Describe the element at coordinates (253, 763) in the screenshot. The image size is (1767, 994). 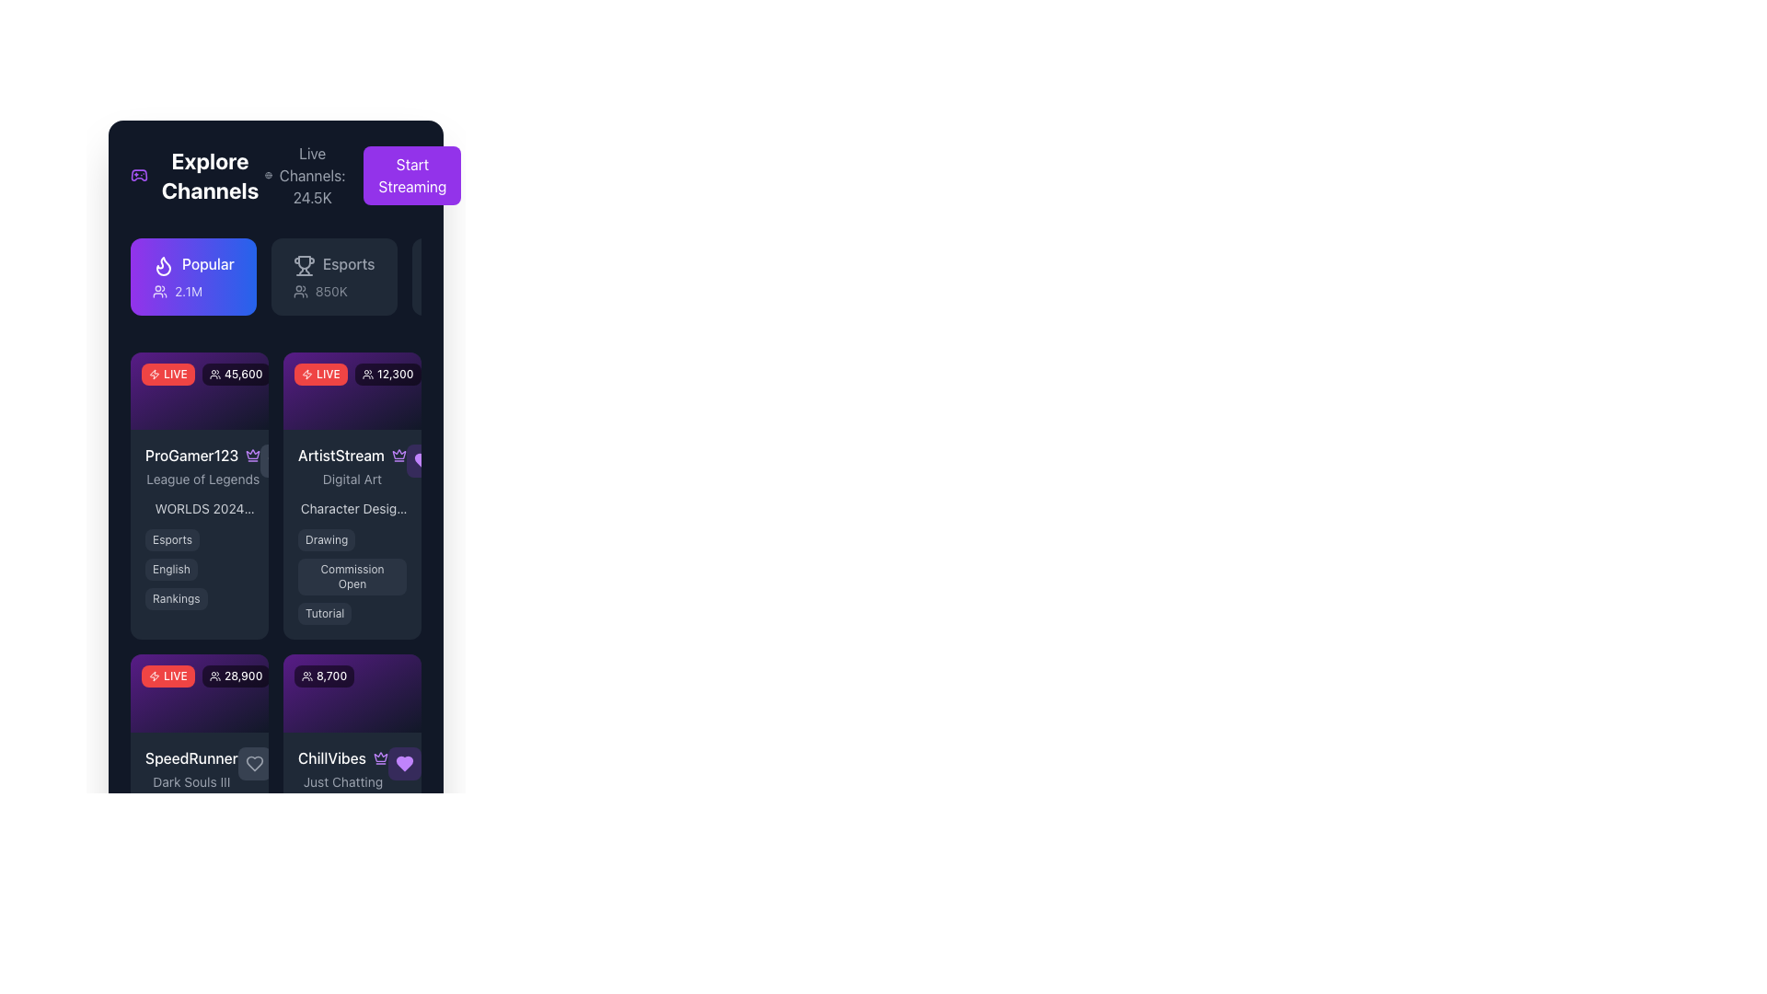
I see `the heart icon in the lower right corner of the 'SpeedRunner Dark Souls III' card to mark it as favorite` at that location.